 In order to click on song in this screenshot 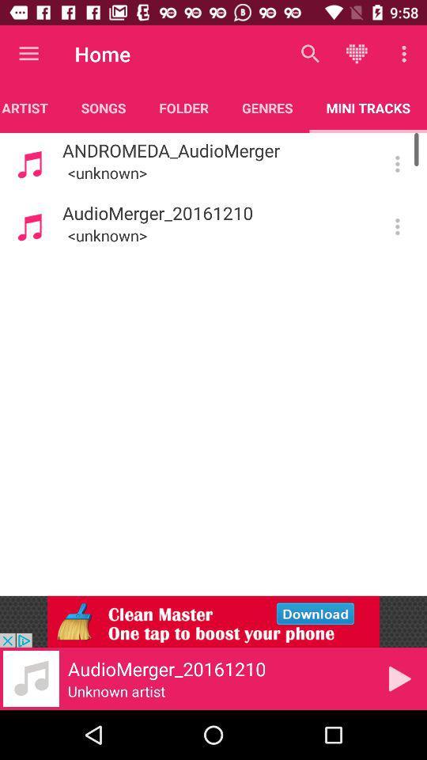, I will do `click(399, 678)`.